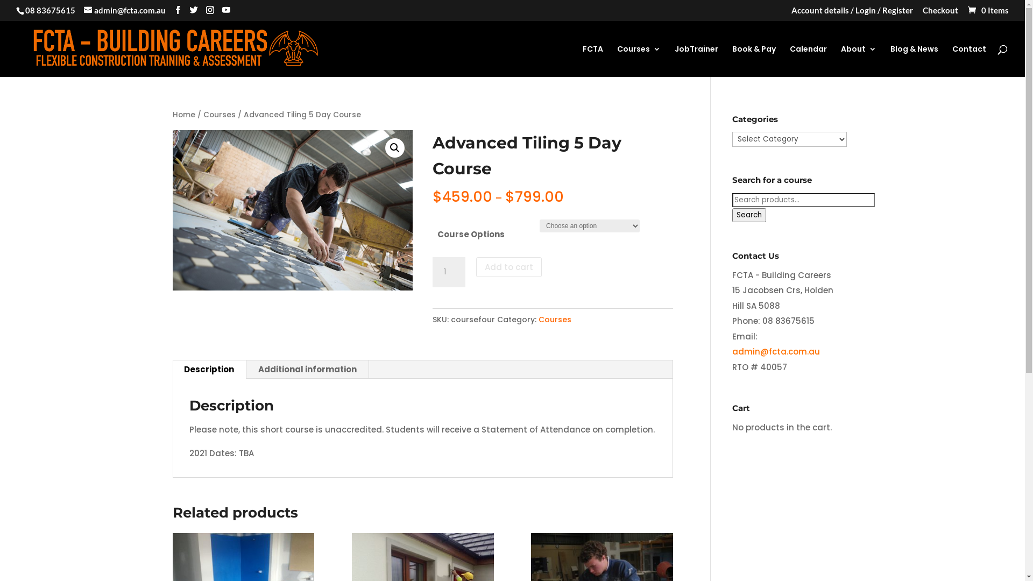 This screenshot has height=581, width=1033. What do you see at coordinates (508, 266) in the screenshot?
I see `'Add to cart'` at bounding box center [508, 266].